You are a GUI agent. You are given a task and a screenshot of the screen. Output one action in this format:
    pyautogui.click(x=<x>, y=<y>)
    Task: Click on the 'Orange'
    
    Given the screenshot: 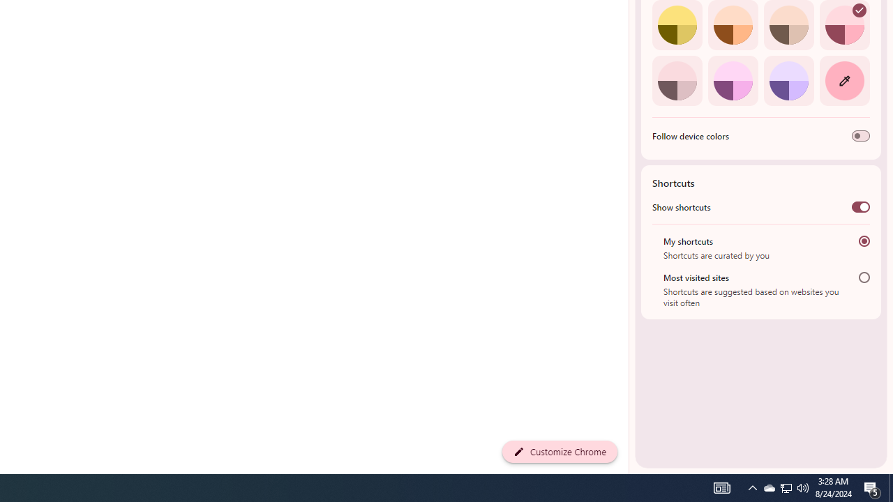 What is the action you would take?
    pyautogui.click(x=732, y=25)
    